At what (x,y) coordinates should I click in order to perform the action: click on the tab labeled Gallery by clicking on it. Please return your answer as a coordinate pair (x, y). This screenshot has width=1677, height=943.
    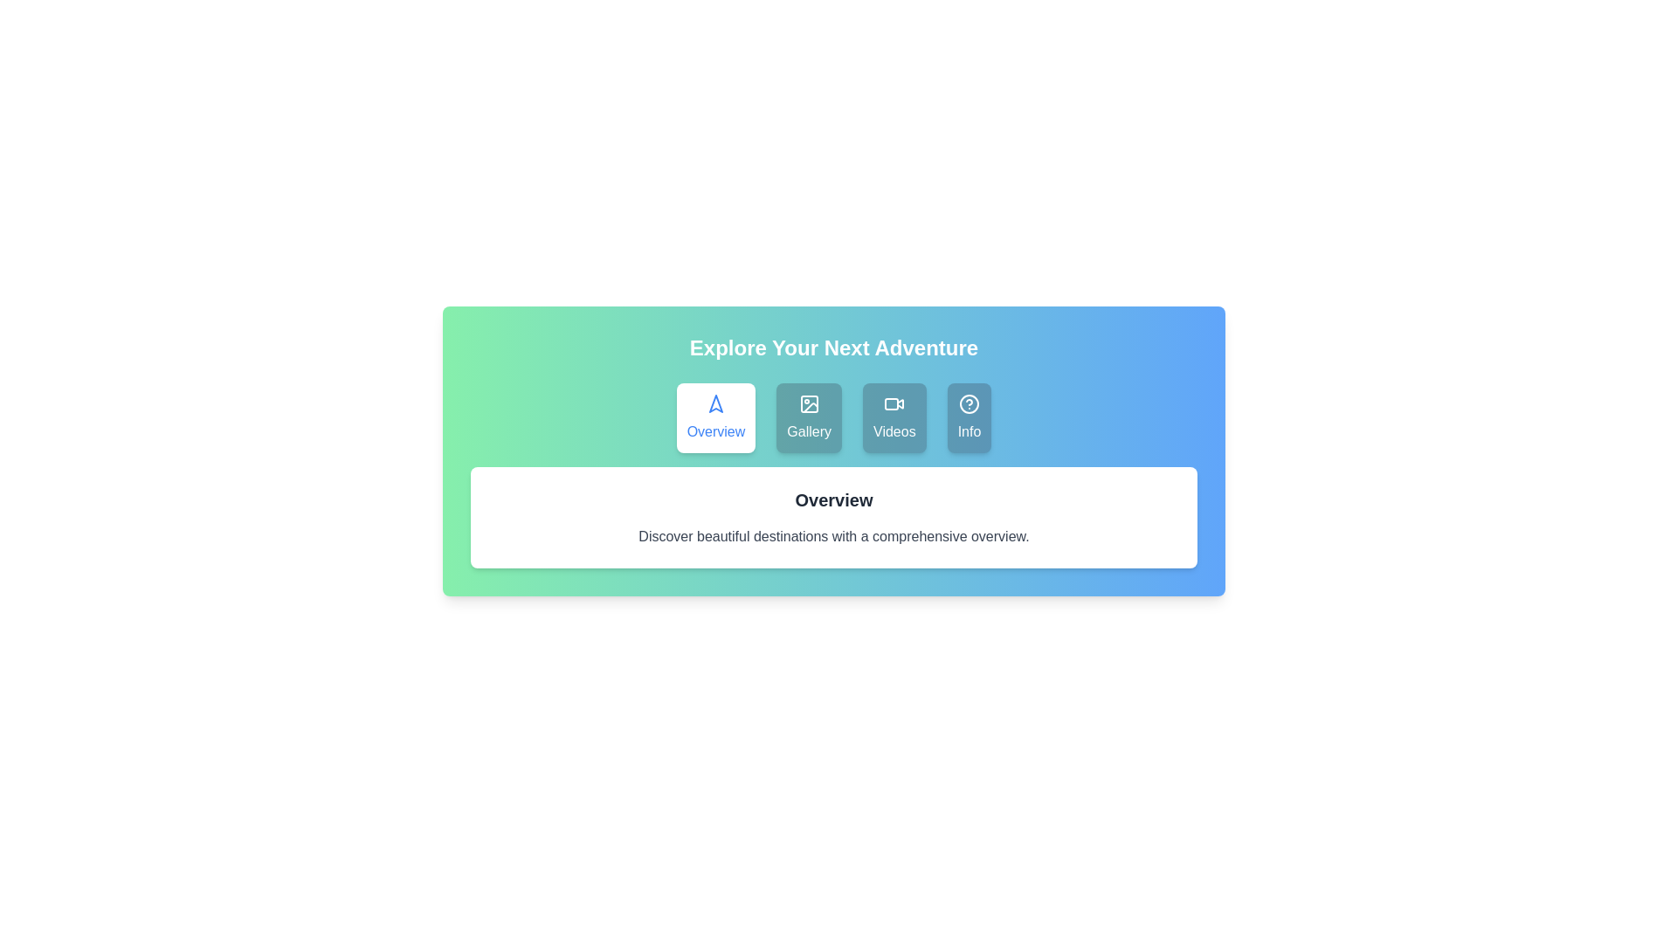
    Looking at the image, I should click on (808, 417).